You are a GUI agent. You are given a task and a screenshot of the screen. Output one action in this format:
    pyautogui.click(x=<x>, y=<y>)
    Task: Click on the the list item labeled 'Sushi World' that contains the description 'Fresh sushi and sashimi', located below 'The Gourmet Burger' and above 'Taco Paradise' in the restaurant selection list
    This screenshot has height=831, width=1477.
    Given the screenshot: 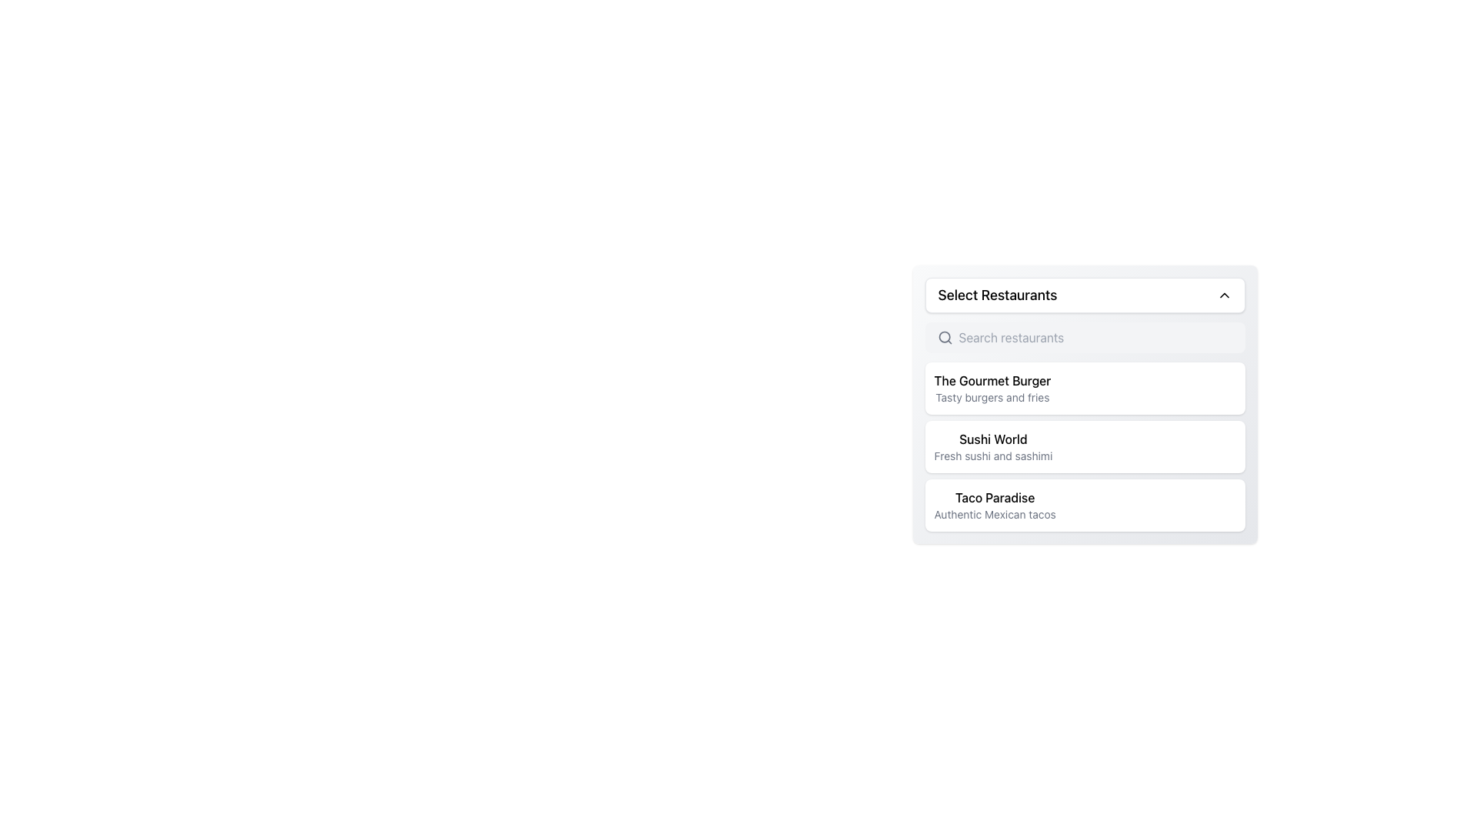 What is the action you would take?
    pyautogui.click(x=1084, y=447)
    